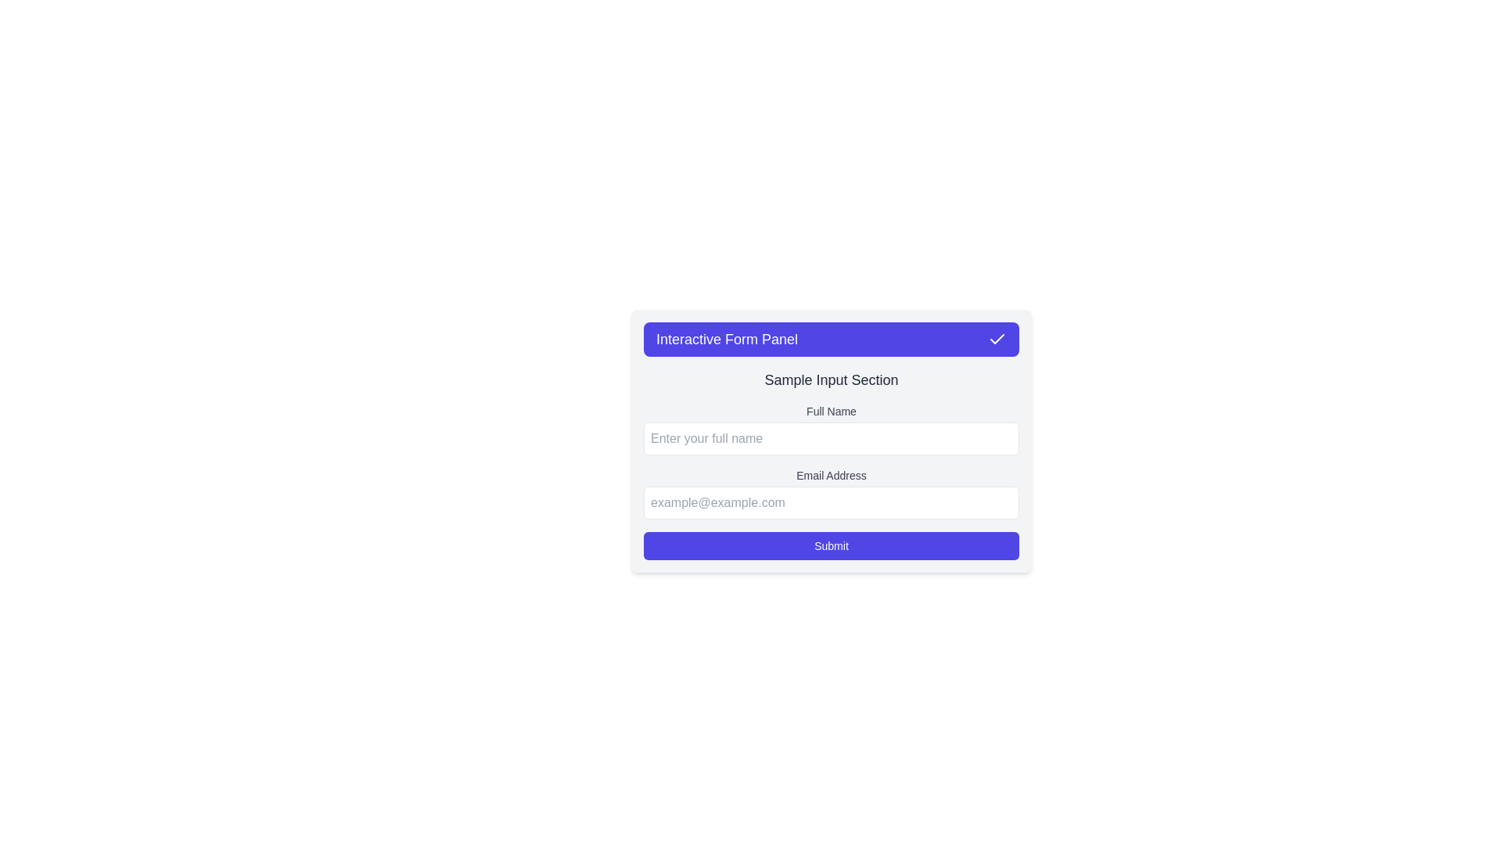 The height and width of the screenshot is (845, 1502). I want to click on the label providing context for the full name input field in the 'Sample Input Section', so click(830, 410).